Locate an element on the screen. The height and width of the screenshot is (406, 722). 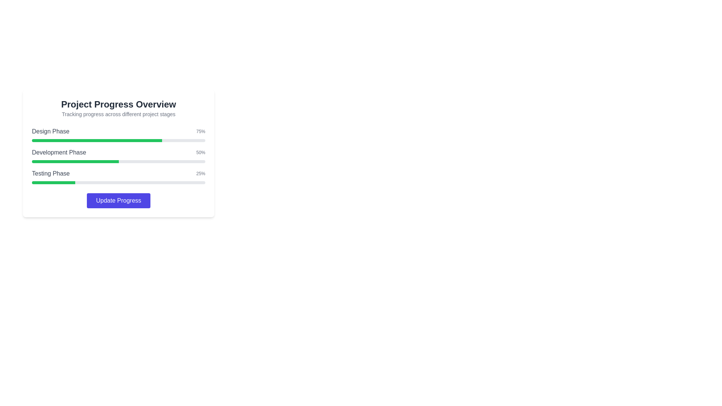
the text label displaying '75%' which is styled in gray and positioned to the right of the progress bar associated with the 'Design Phase' label is located at coordinates (200, 131).